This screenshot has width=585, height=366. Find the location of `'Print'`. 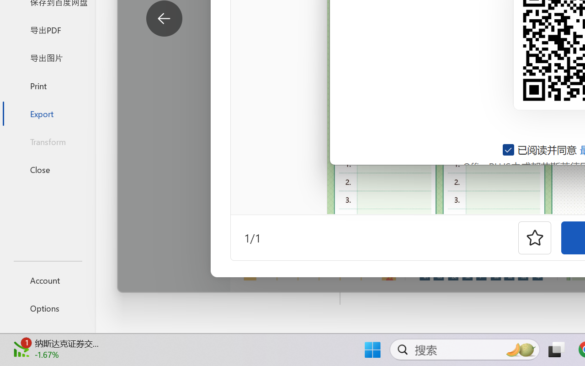

'Print' is located at coordinates (47, 85).